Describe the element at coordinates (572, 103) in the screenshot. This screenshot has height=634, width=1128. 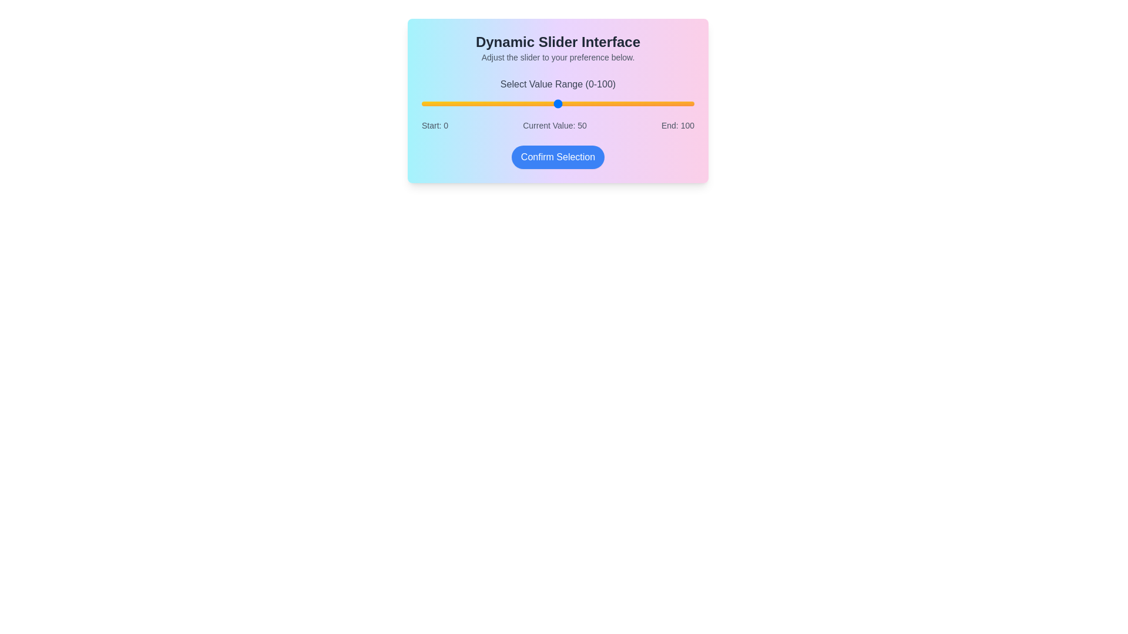
I see `the slider to set the value to 55` at that location.